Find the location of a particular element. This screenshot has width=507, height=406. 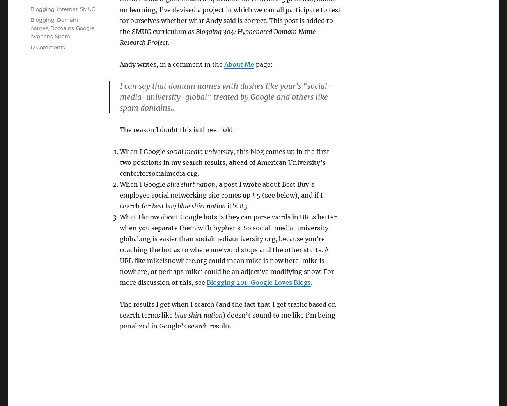

'12 Comments' is located at coordinates (47, 47).